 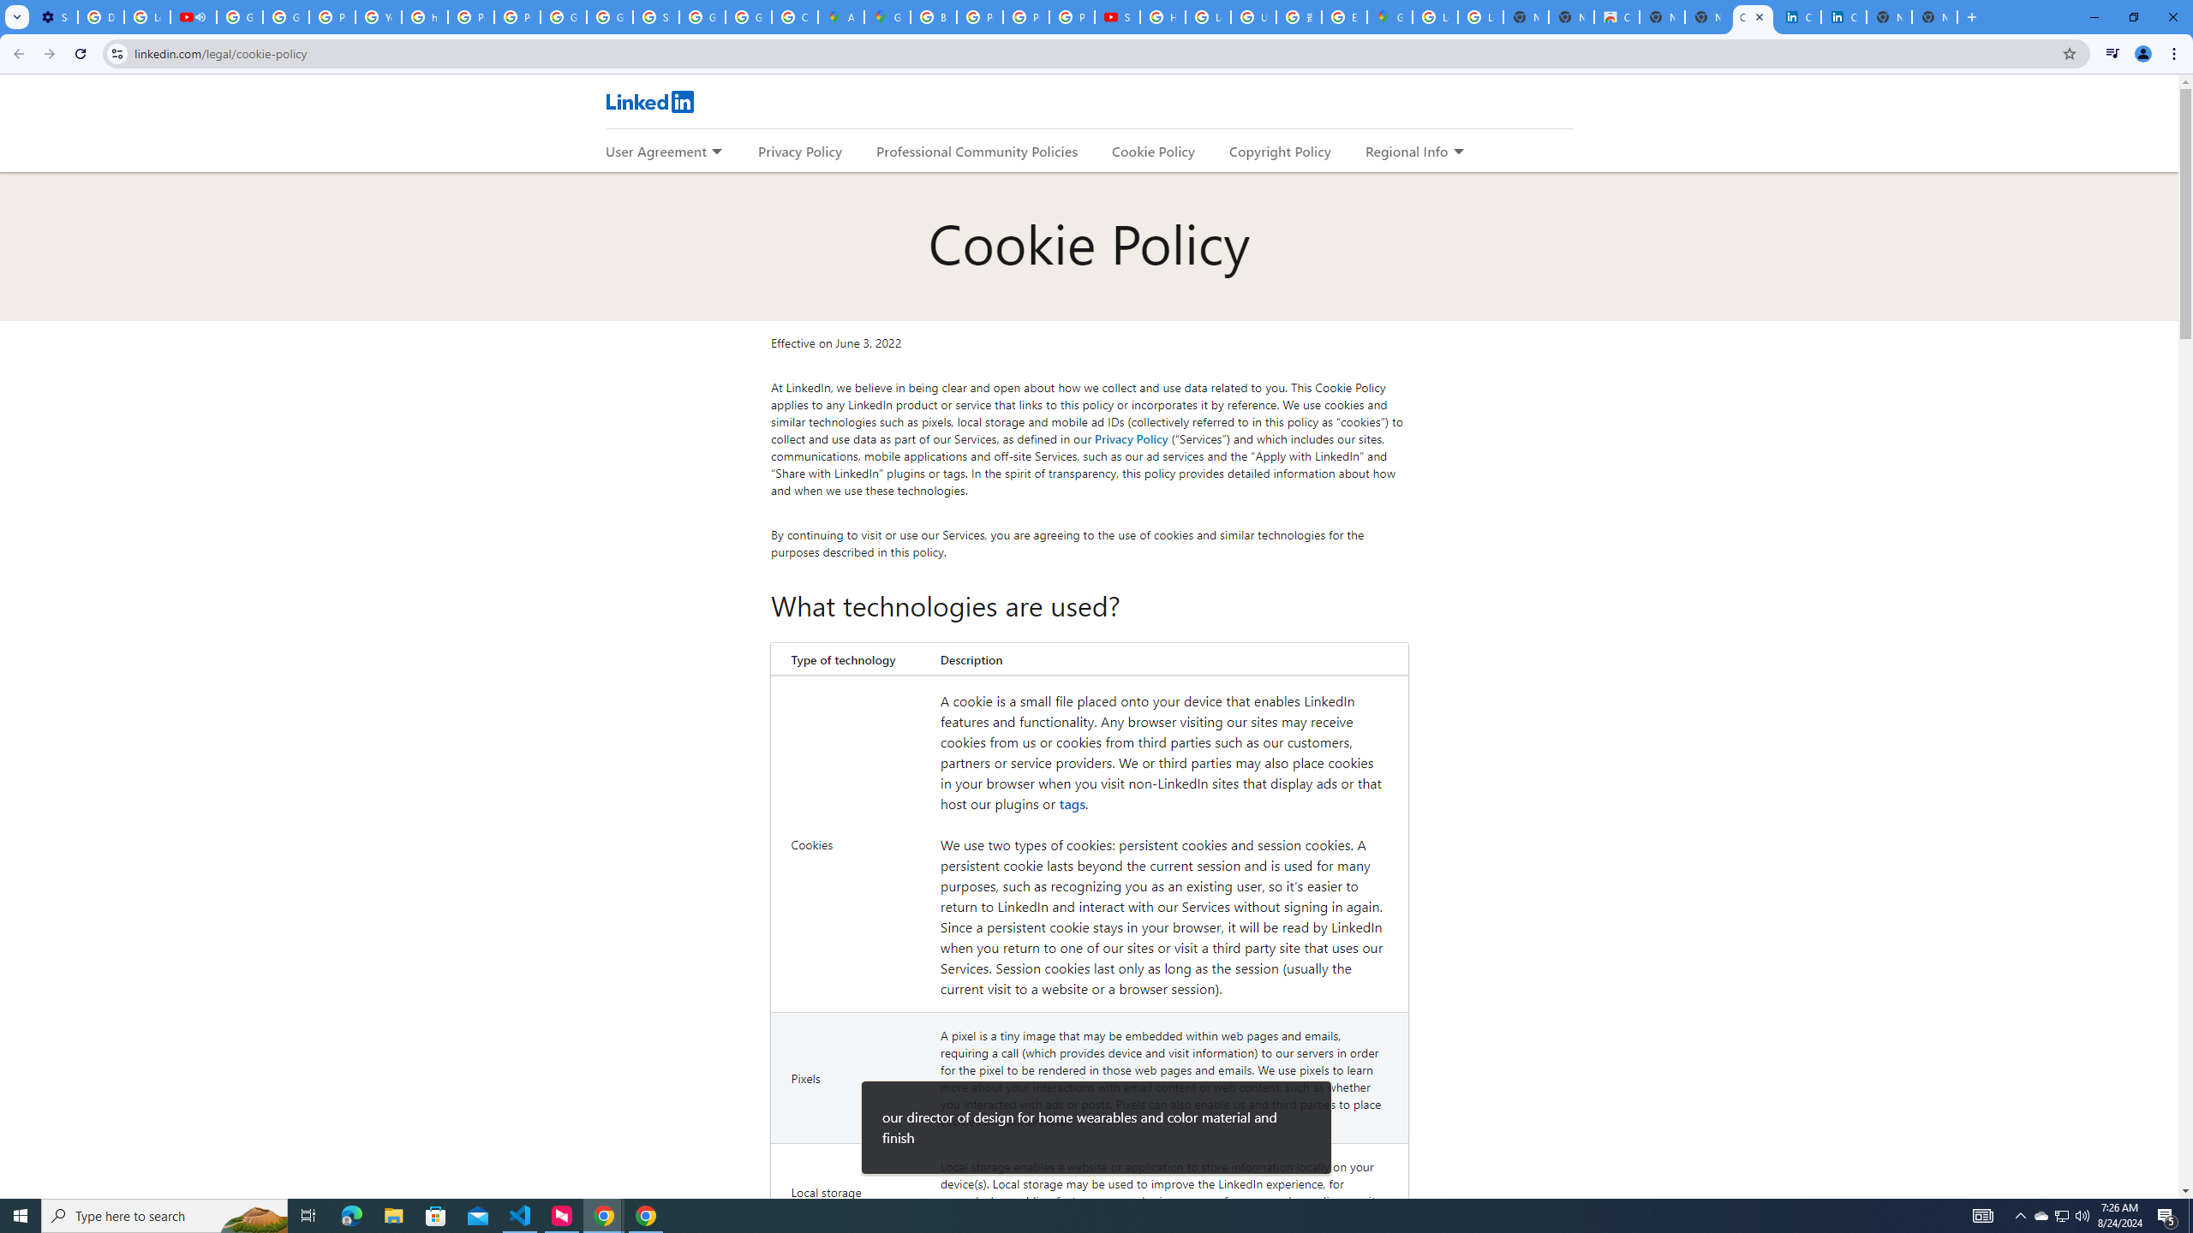 What do you see at coordinates (655, 151) in the screenshot?
I see `'User Agreement'` at bounding box center [655, 151].